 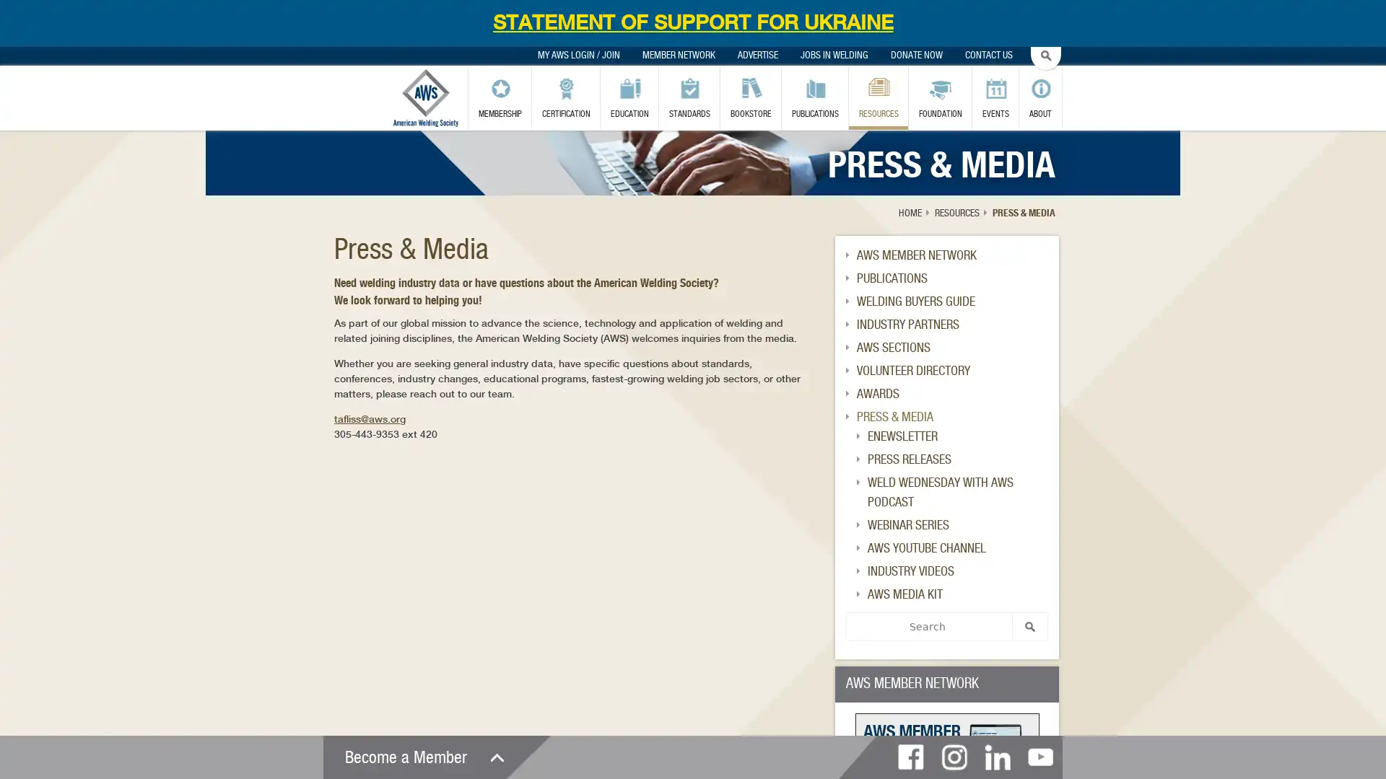 What do you see at coordinates (955, 102) in the screenshot?
I see `Decline` at bounding box center [955, 102].